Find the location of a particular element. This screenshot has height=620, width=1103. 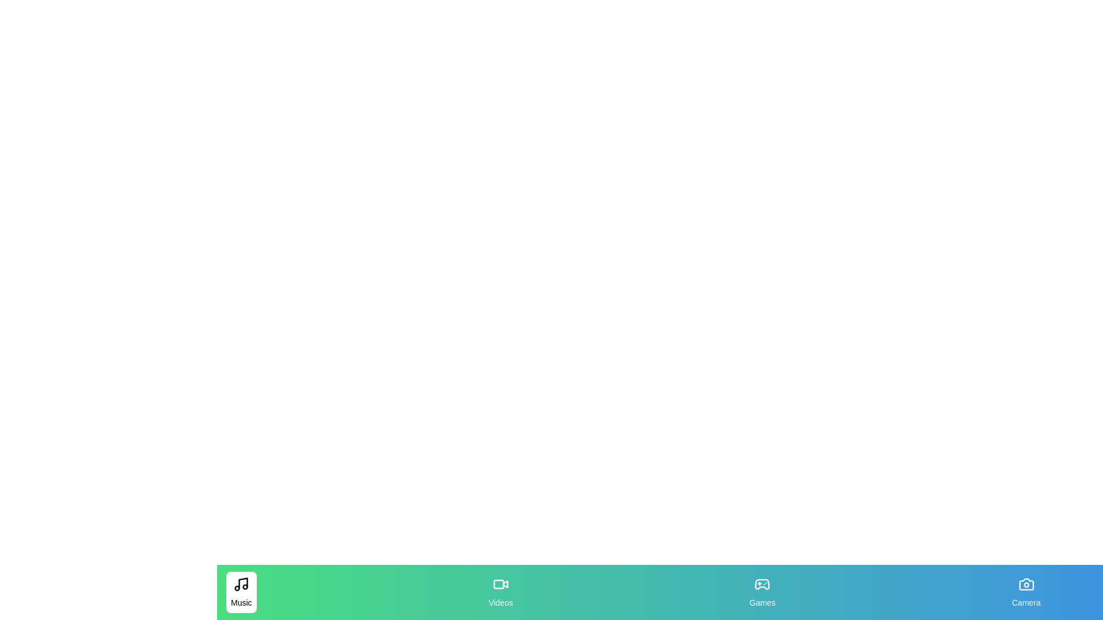

the Music tab to observe its hover effect is located at coordinates (241, 592).